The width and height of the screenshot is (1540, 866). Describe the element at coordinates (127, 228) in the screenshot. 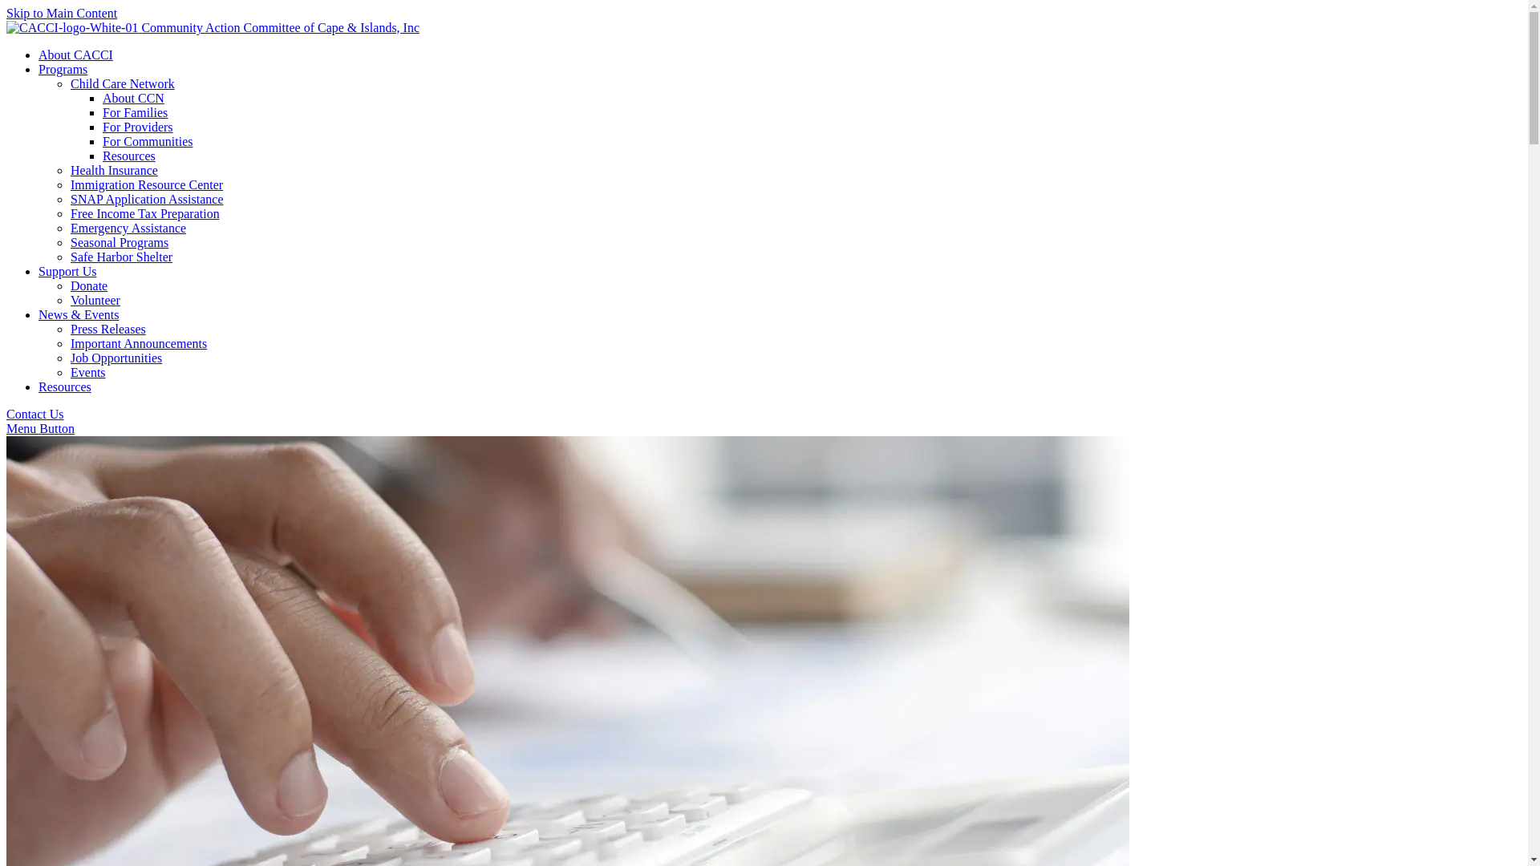

I see `'Emergency Assistance'` at that location.